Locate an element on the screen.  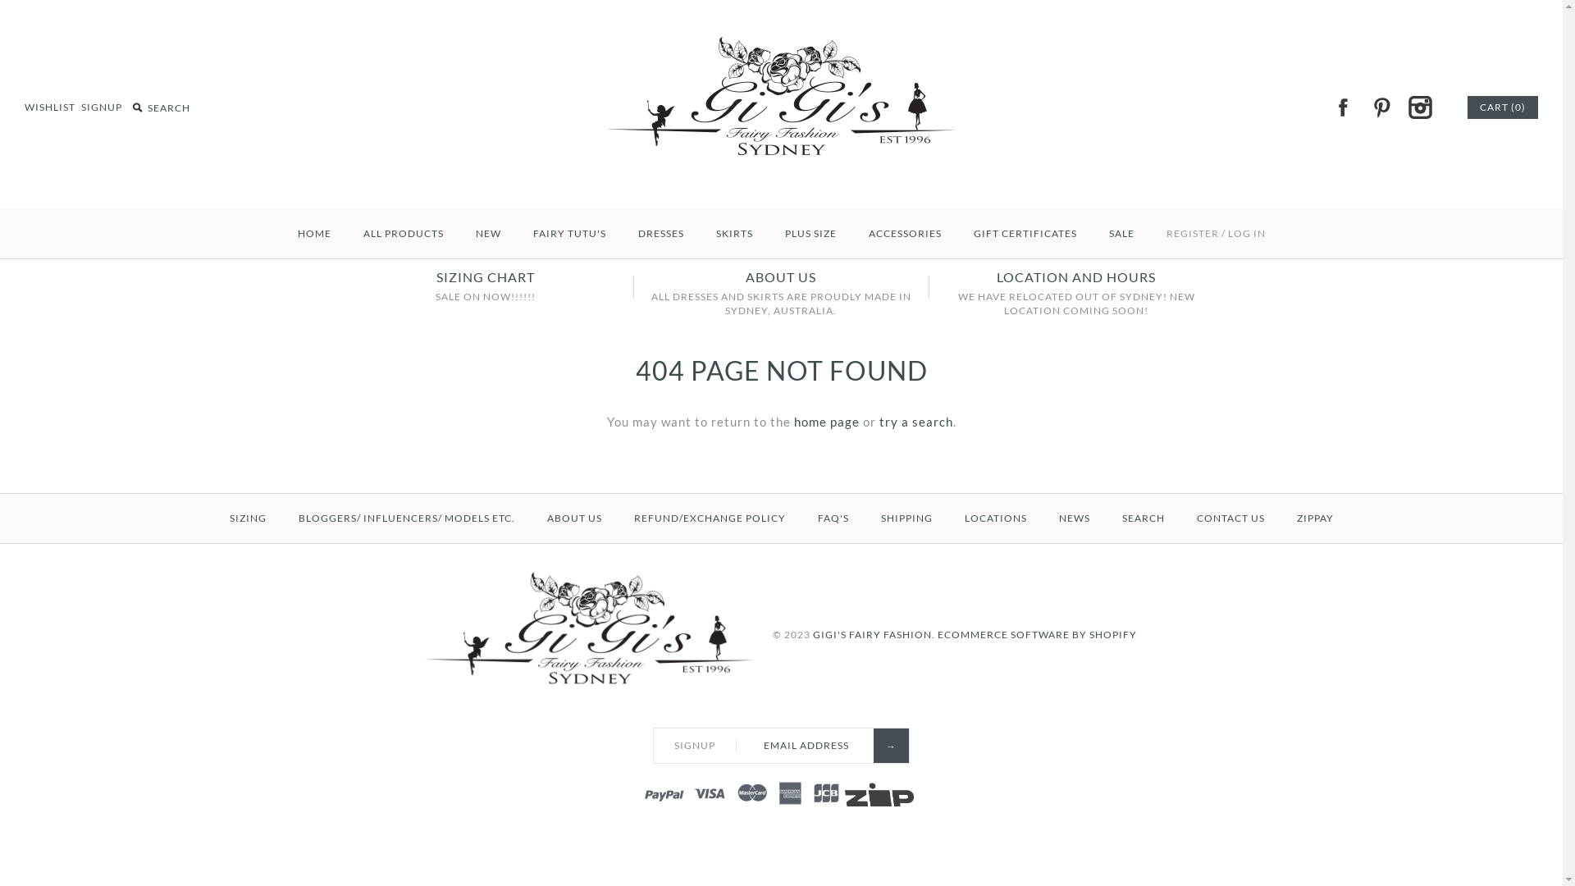
'SALE' is located at coordinates (1121, 234).